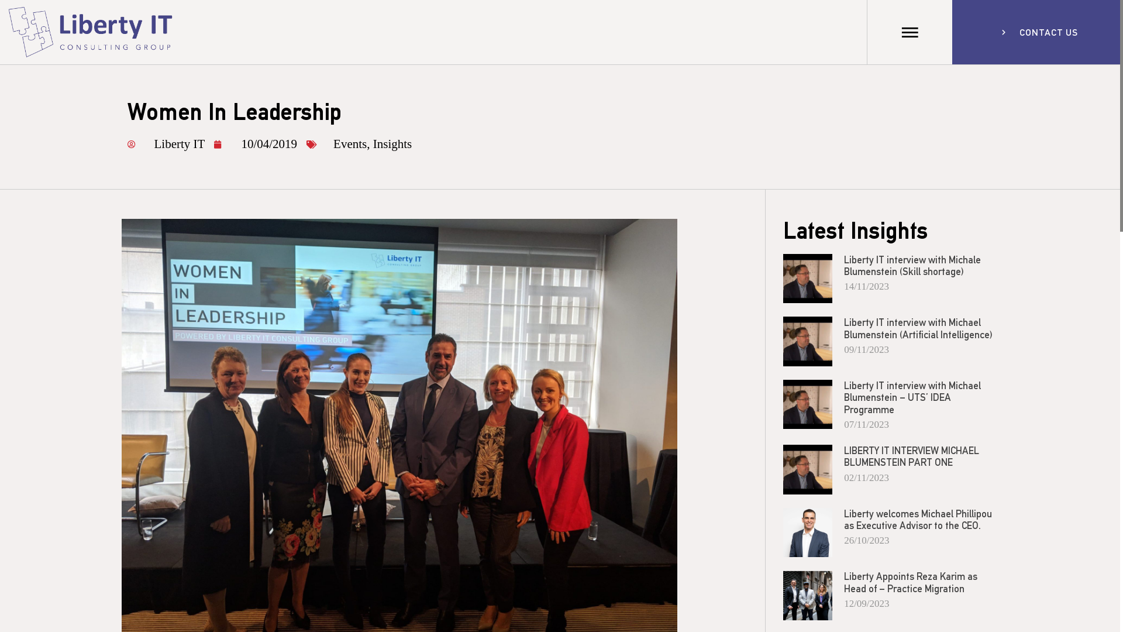  What do you see at coordinates (1001, 32) in the screenshot?
I see `'CONTACT US'` at bounding box center [1001, 32].